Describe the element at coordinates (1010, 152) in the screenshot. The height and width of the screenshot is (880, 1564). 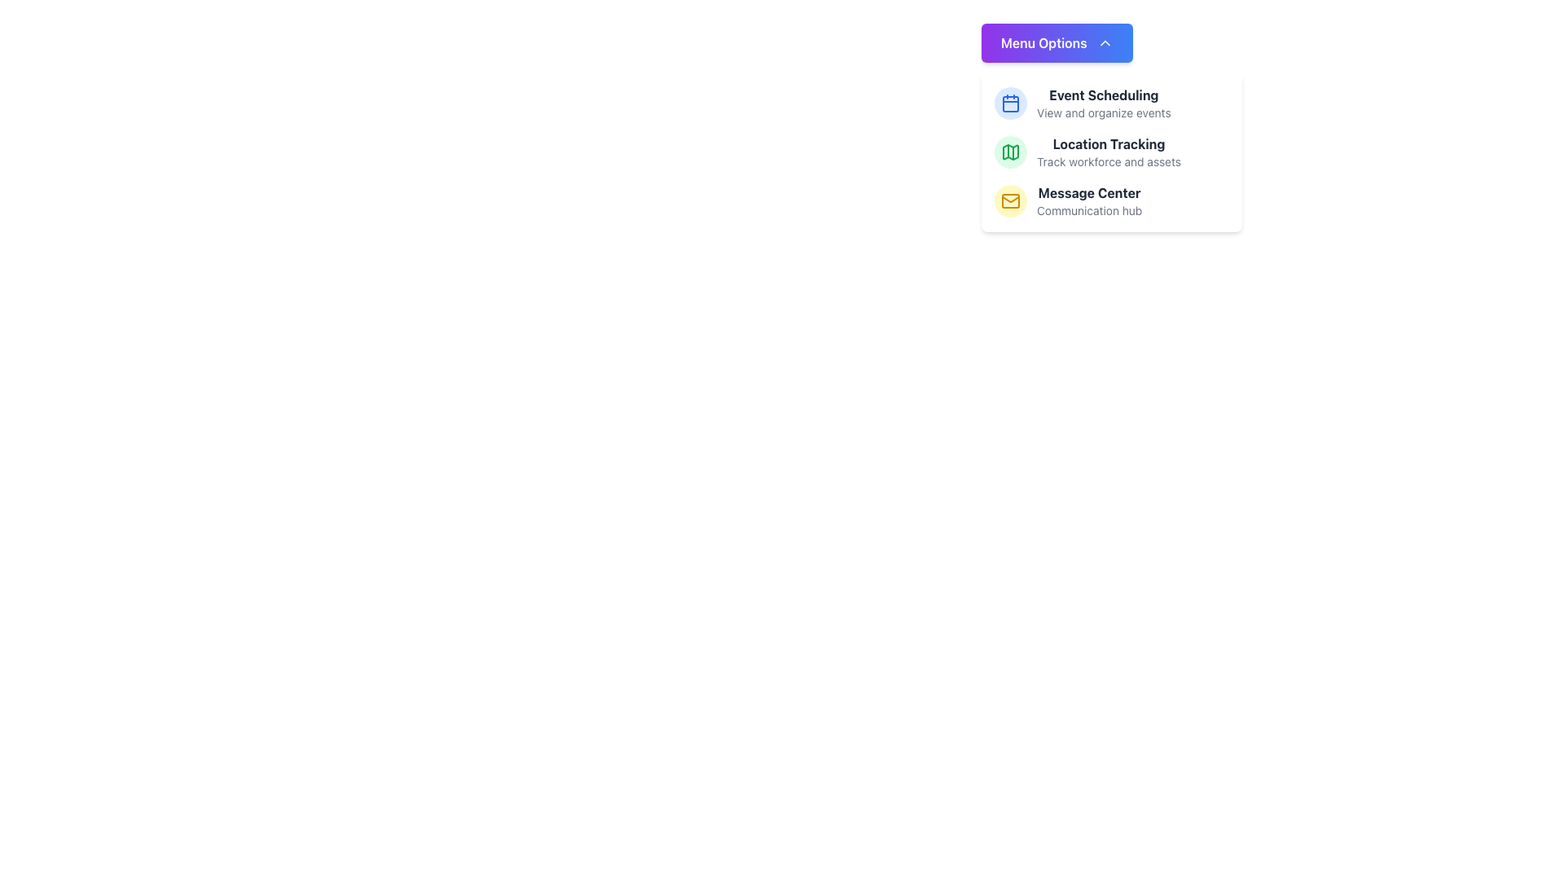
I see `the 'Location Tracking' icon in the 'Menu Options'` at that location.